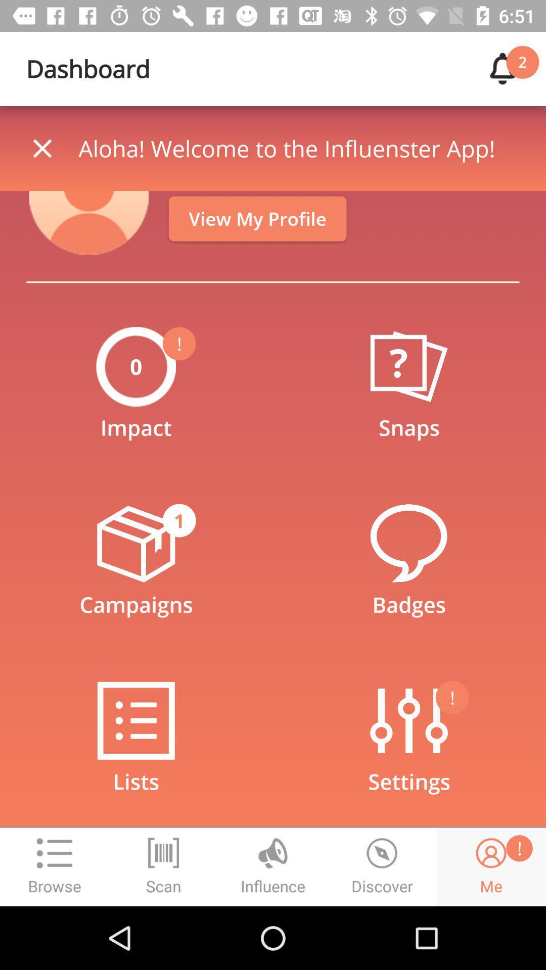 The image size is (546, 970). What do you see at coordinates (408, 720) in the screenshot?
I see `the sliders icon` at bounding box center [408, 720].